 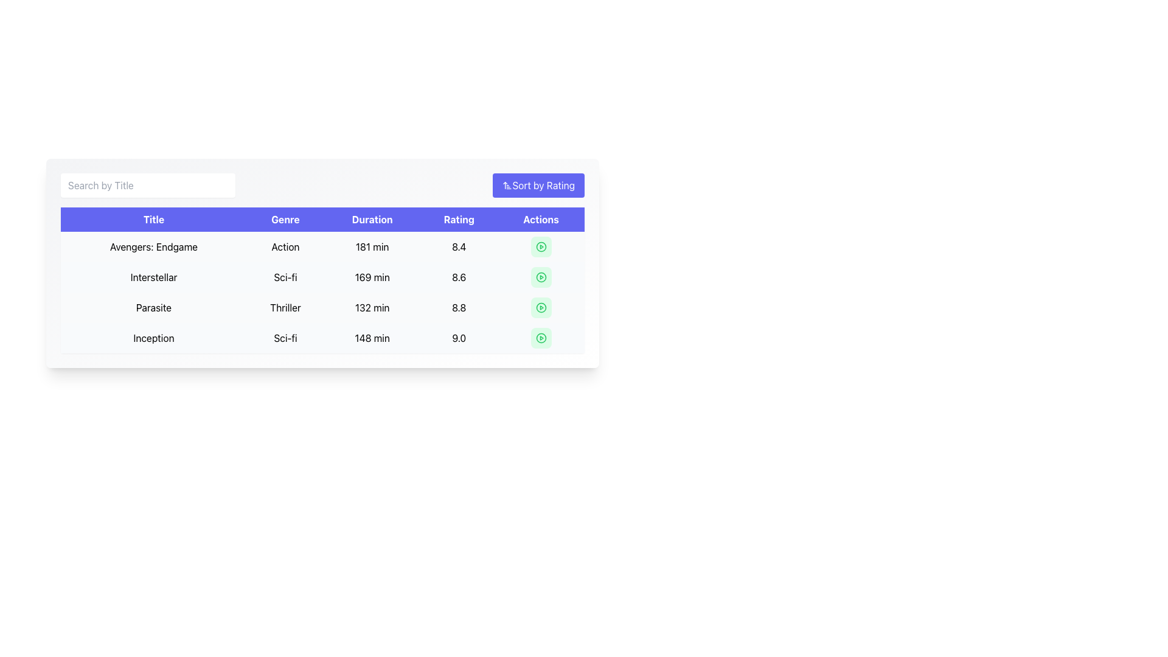 What do you see at coordinates (507, 185) in the screenshot?
I see `the sorting order icon located inside the blue 'Sort by Rating' button in the top-right area of the interface, positioned left to the text` at bounding box center [507, 185].